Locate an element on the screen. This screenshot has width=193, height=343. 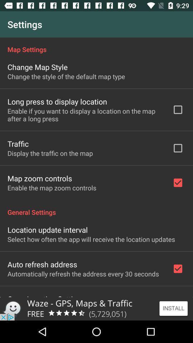
the icon above the open location settings icon is located at coordinates (83, 273).